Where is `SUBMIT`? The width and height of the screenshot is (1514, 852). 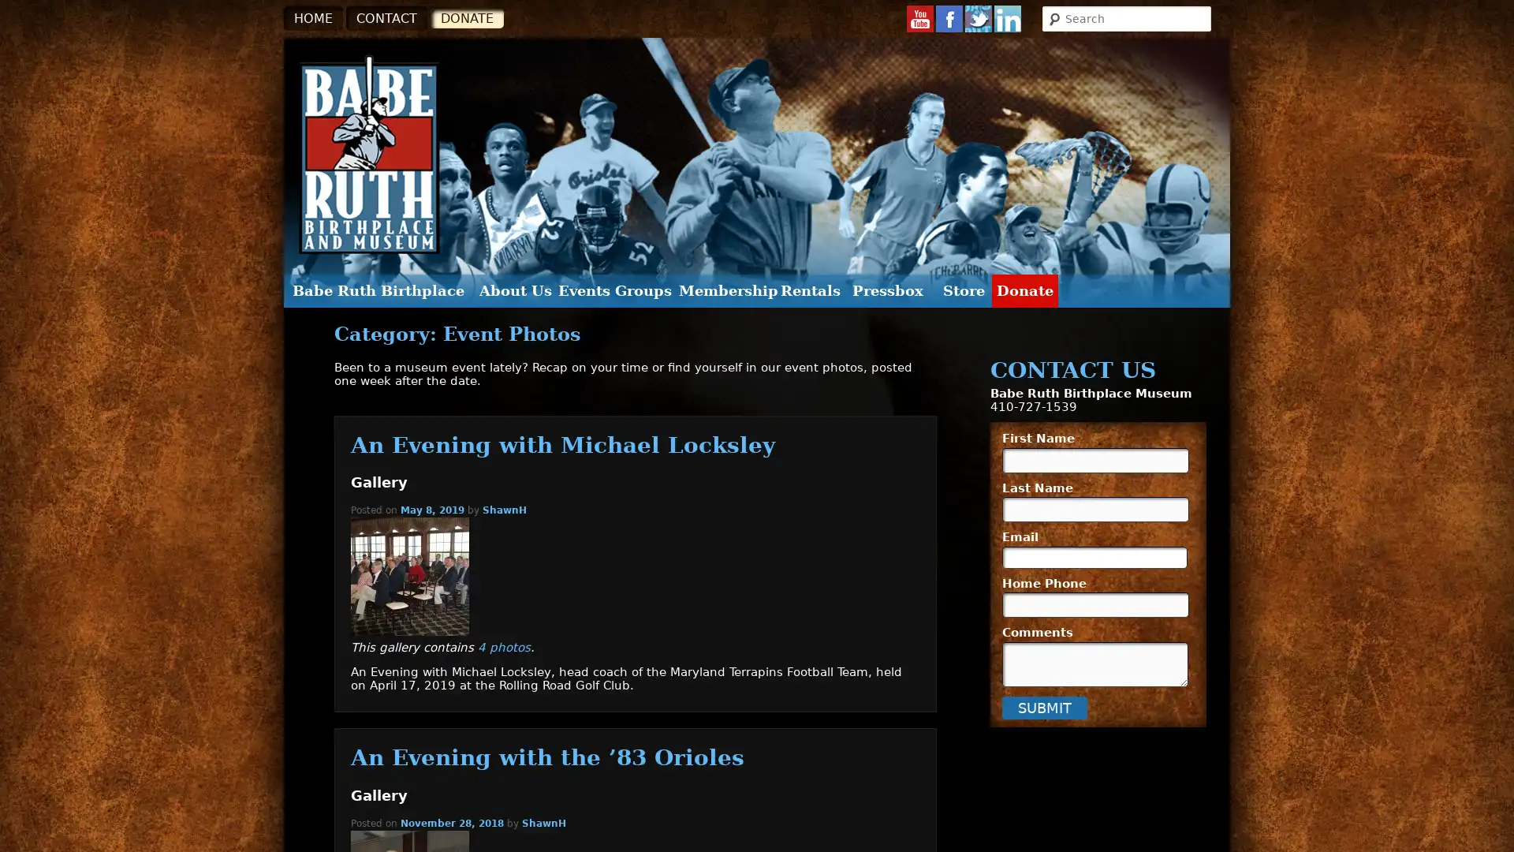
SUBMIT is located at coordinates (1044, 706).